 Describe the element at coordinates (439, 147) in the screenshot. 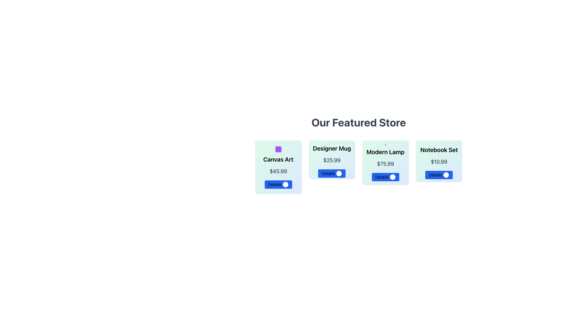

I see `the SVG Rectangle with rounded corners located within the fourth card labeled 'Notebook Set', which serves as the background of the SVG icon above the text 'Notebook Set'` at that location.